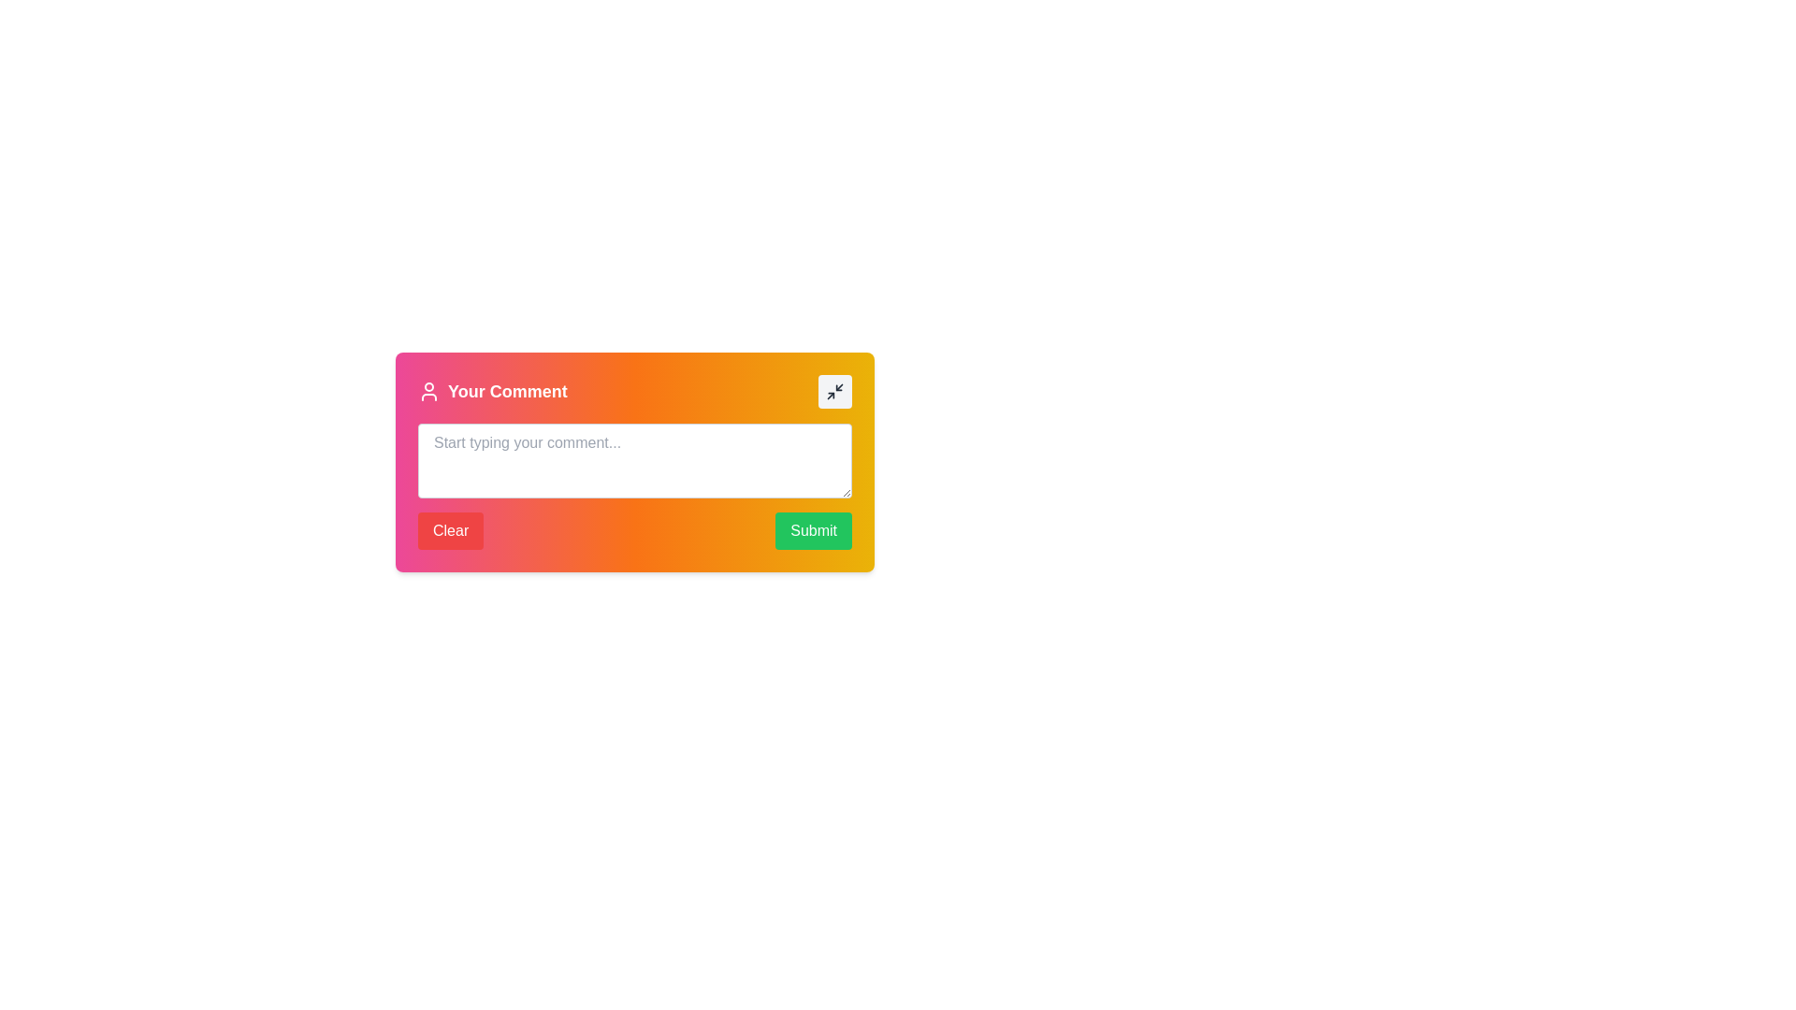 Image resolution: width=1796 pixels, height=1010 pixels. What do you see at coordinates (451, 530) in the screenshot?
I see `the 'Clear' button with a red background and white text located at the bottom left of the form` at bounding box center [451, 530].